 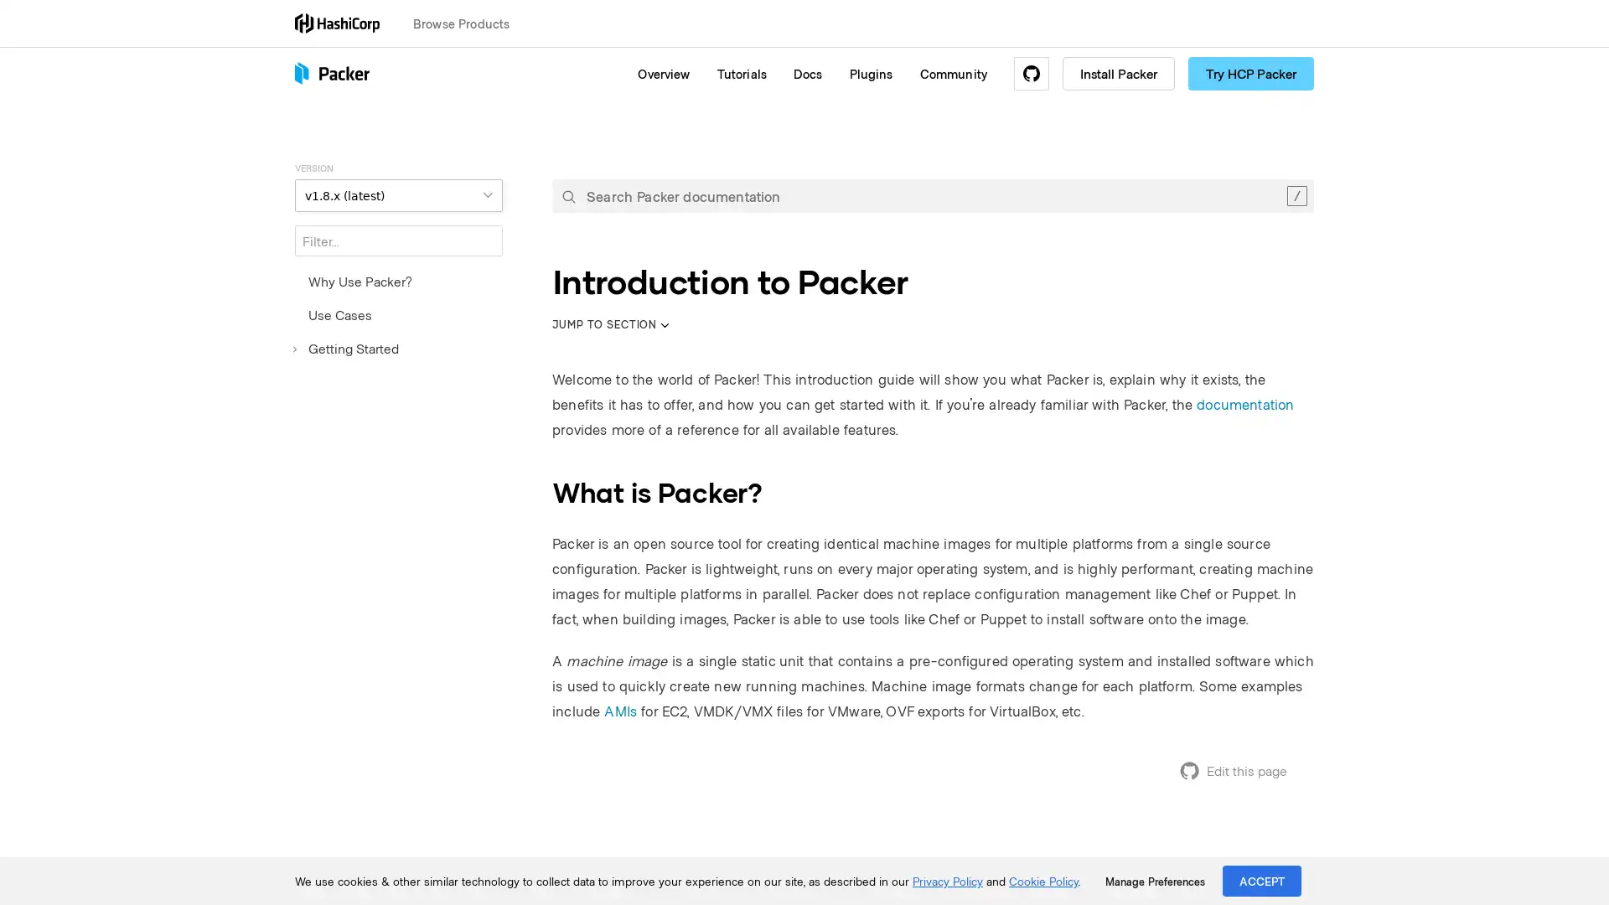 What do you see at coordinates (1296, 195) in the screenshot?
I see `Clear the search query.` at bounding box center [1296, 195].